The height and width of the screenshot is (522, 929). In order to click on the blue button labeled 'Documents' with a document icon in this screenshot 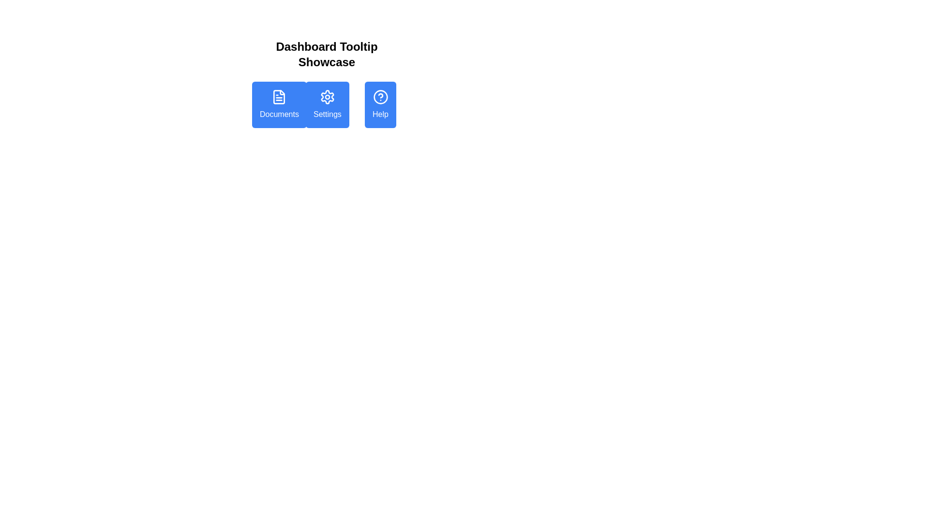, I will do `click(279, 104)`.